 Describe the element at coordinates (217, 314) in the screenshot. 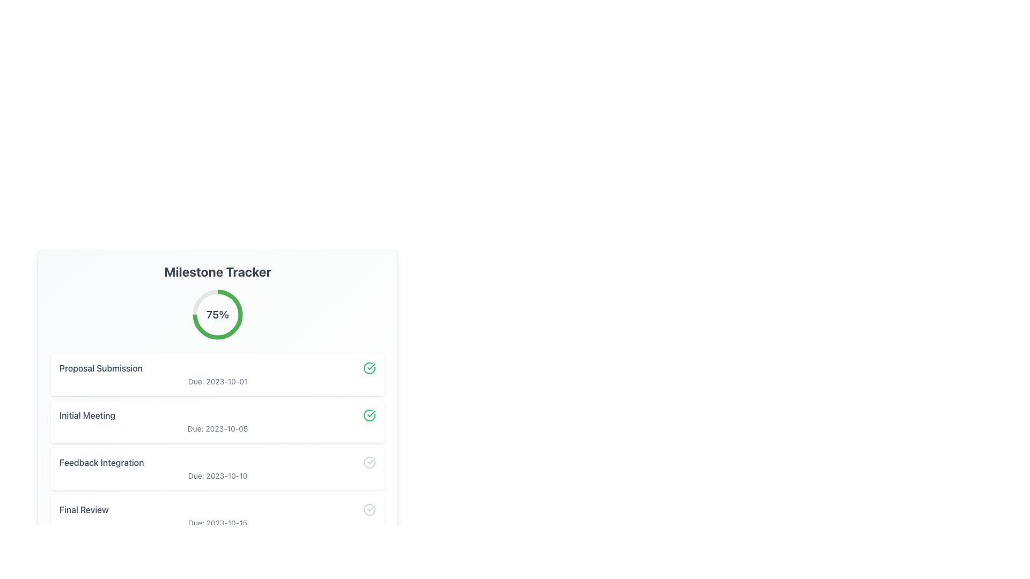

I see `the percentage displayed on the Circular Progress Indicator located below the 'Milestone Tracker' heading` at that location.